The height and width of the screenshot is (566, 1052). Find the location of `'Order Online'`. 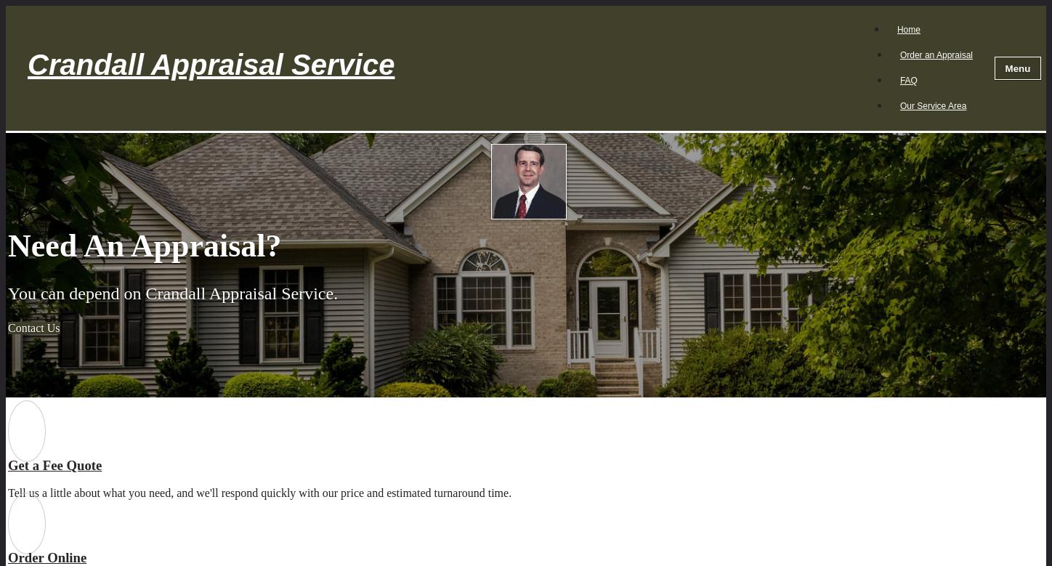

'Order Online' is located at coordinates (8, 557).